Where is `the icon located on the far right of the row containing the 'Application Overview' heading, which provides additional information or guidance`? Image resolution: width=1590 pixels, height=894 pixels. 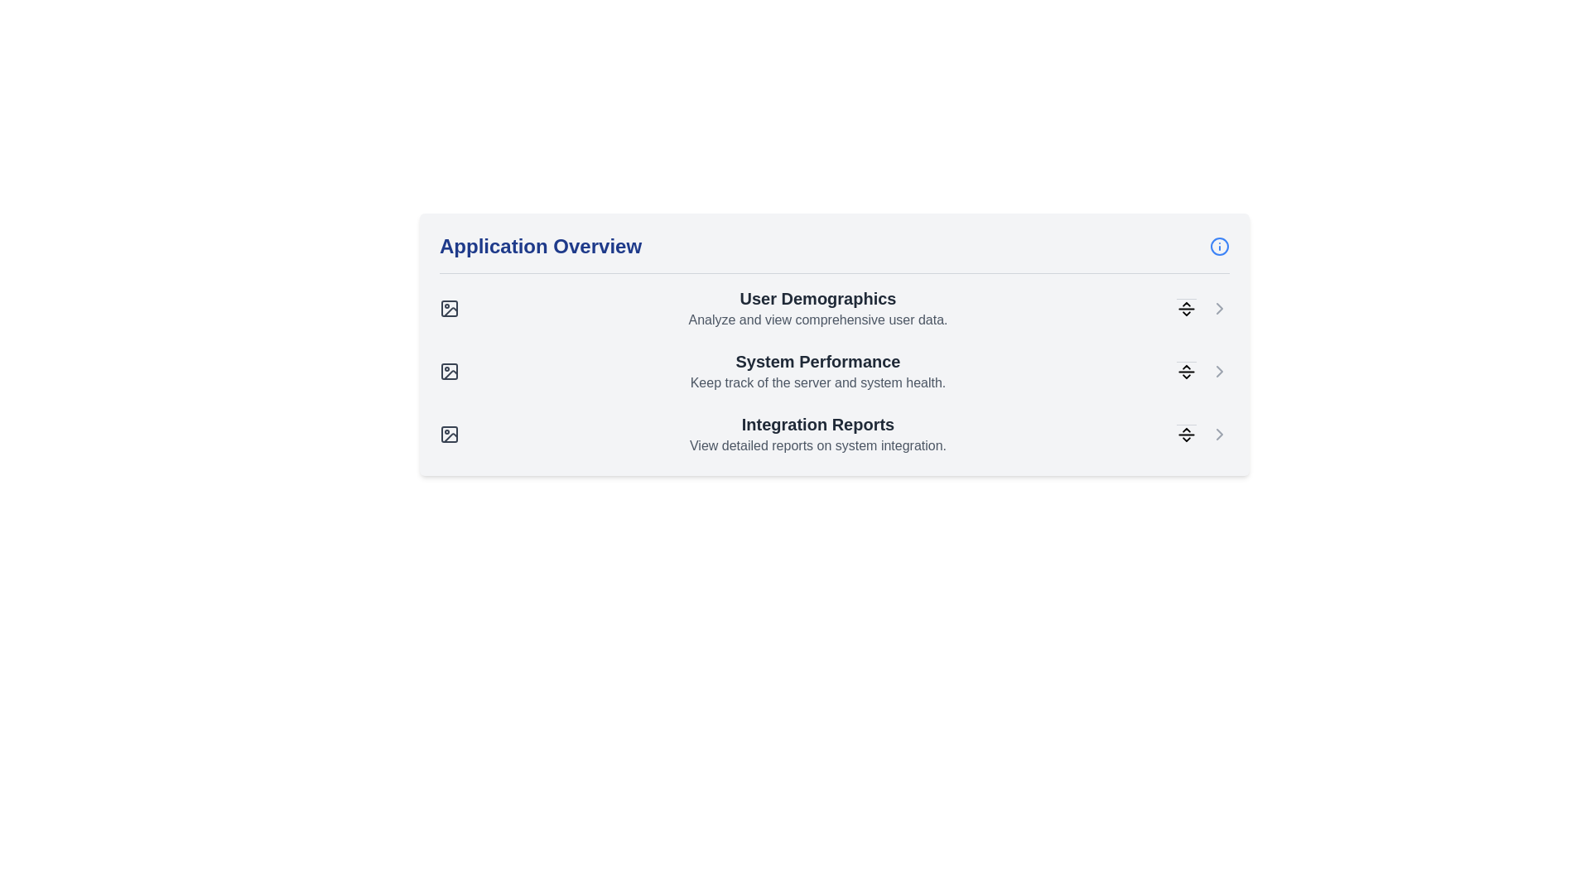 the icon located on the far right of the row containing the 'Application Overview' heading, which provides additional information or guidance is located at coordinates (1220, 246).